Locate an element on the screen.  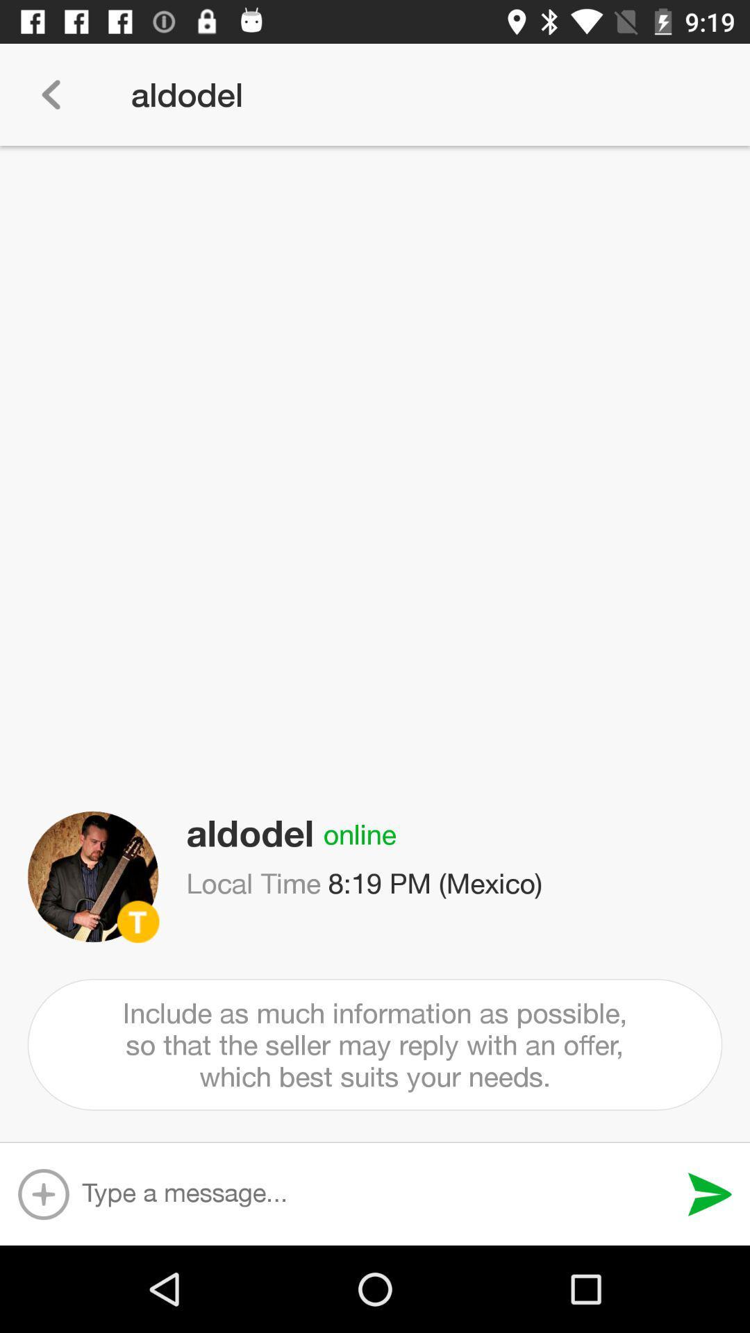
type a message is located at coordinates (378, 1193).